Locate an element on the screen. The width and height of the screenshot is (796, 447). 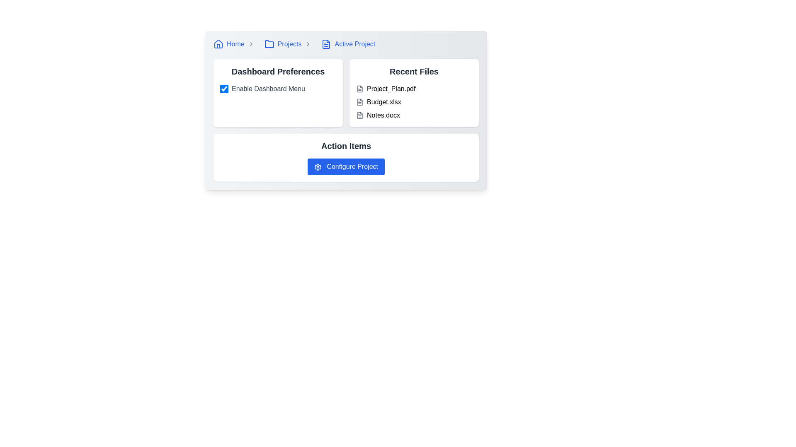
a specific file name or icon in the 'Recent Files' section of the List containing file entries is located at coordinates (414, 93).